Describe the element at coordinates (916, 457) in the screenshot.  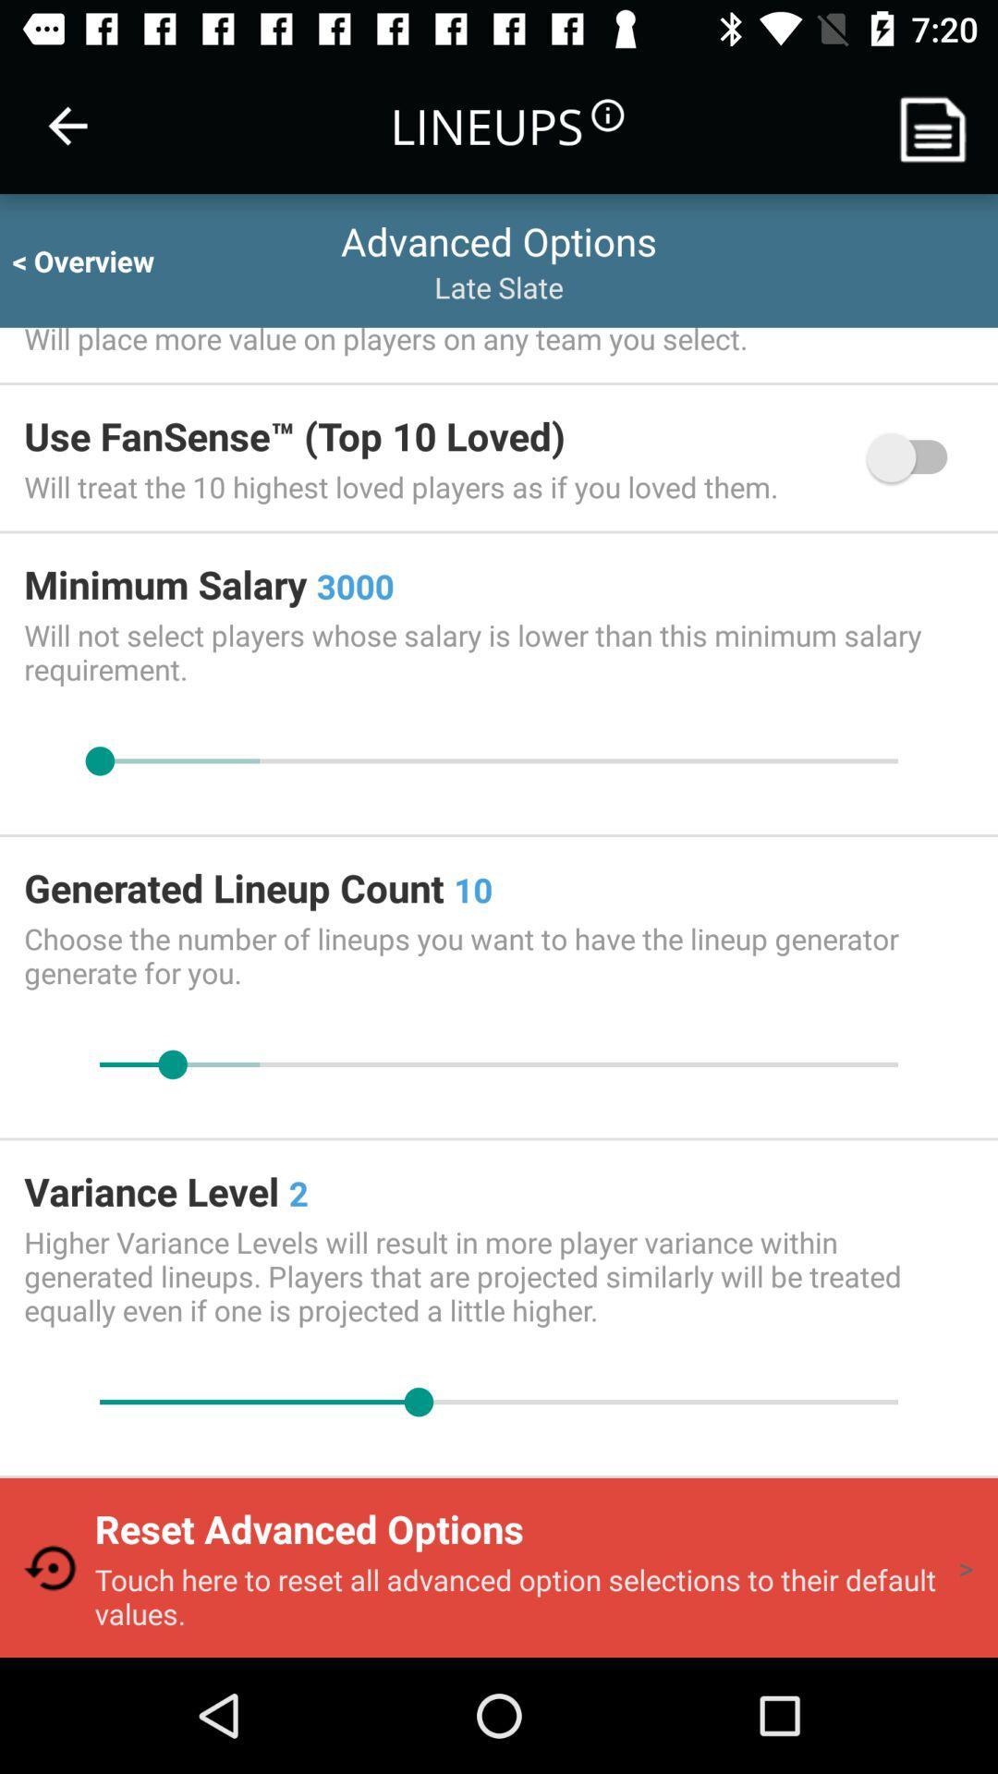
I see `item above will not select` at that location.